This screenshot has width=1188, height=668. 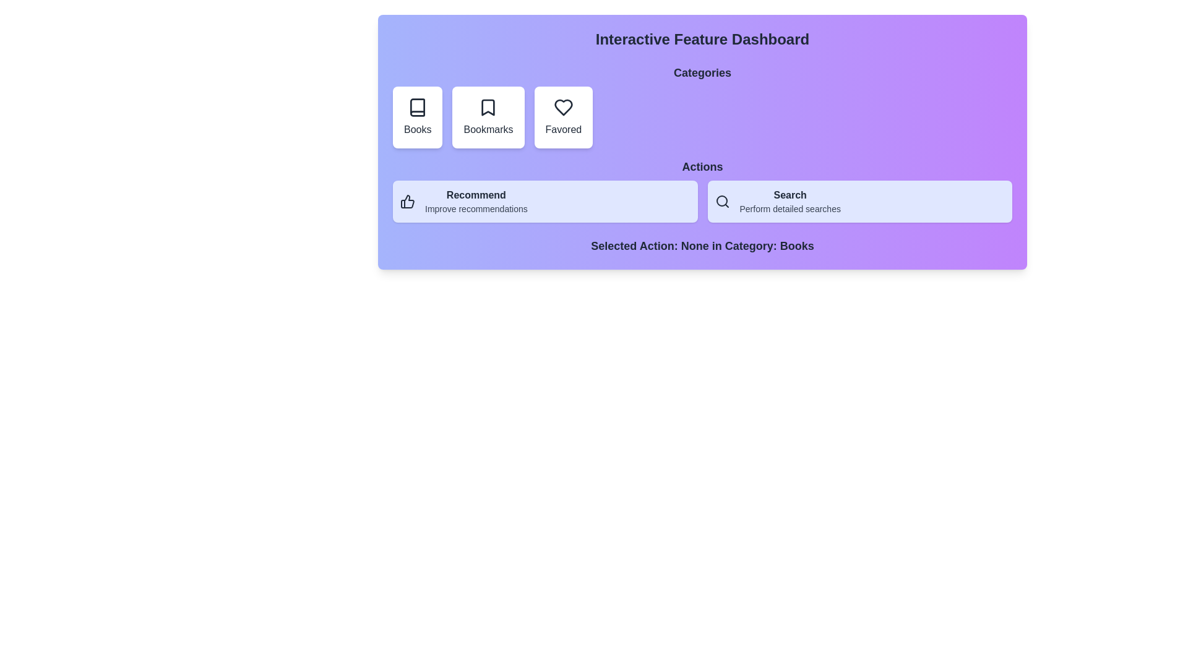 What do you see at coordinates (475, 208) in the screenshot?
I see `the Text Label that provides clarification for the 'Recommend' action, located beneath the 'Recommend' label in the 'Actions' section` at bounding box center [475, 208].